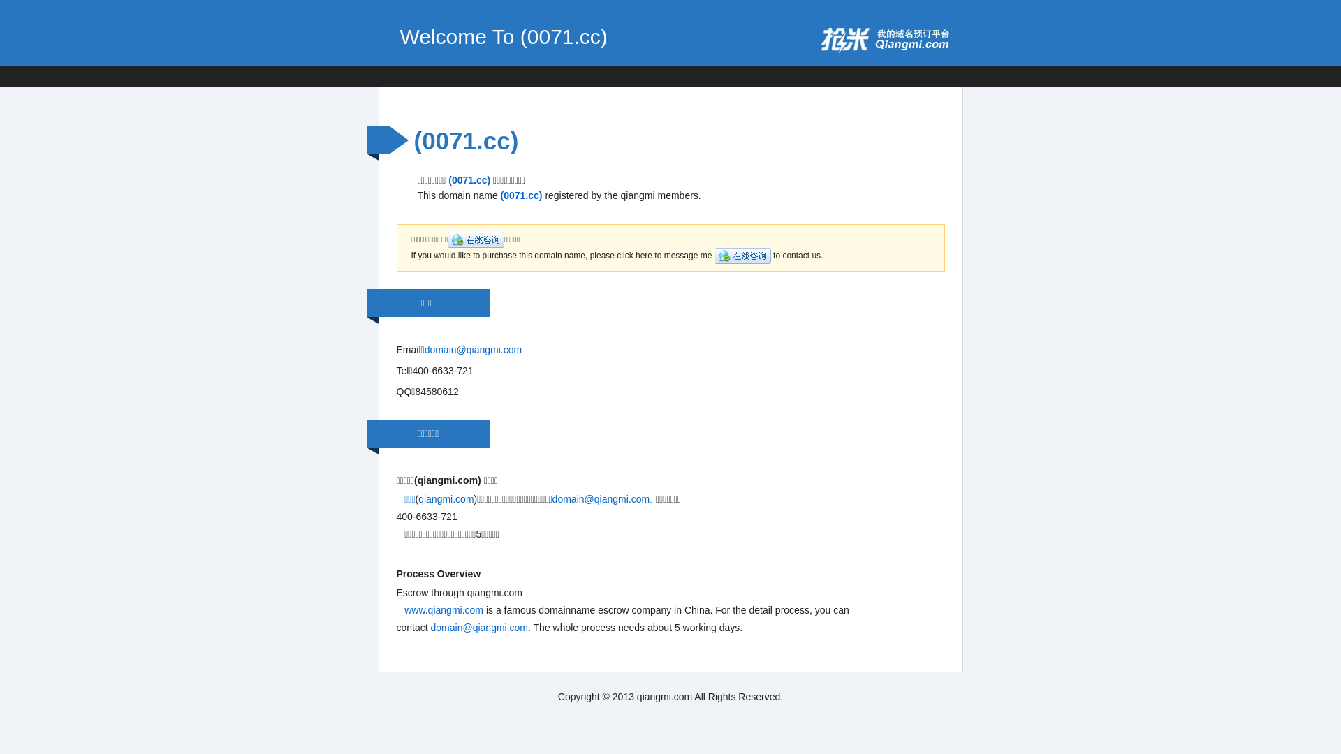 The height and width of the screenshot is (754, 1341). Describe the element at coordinates (601, 498) in the screenshot. I see `'domain@qiangmi.com'` at that location.